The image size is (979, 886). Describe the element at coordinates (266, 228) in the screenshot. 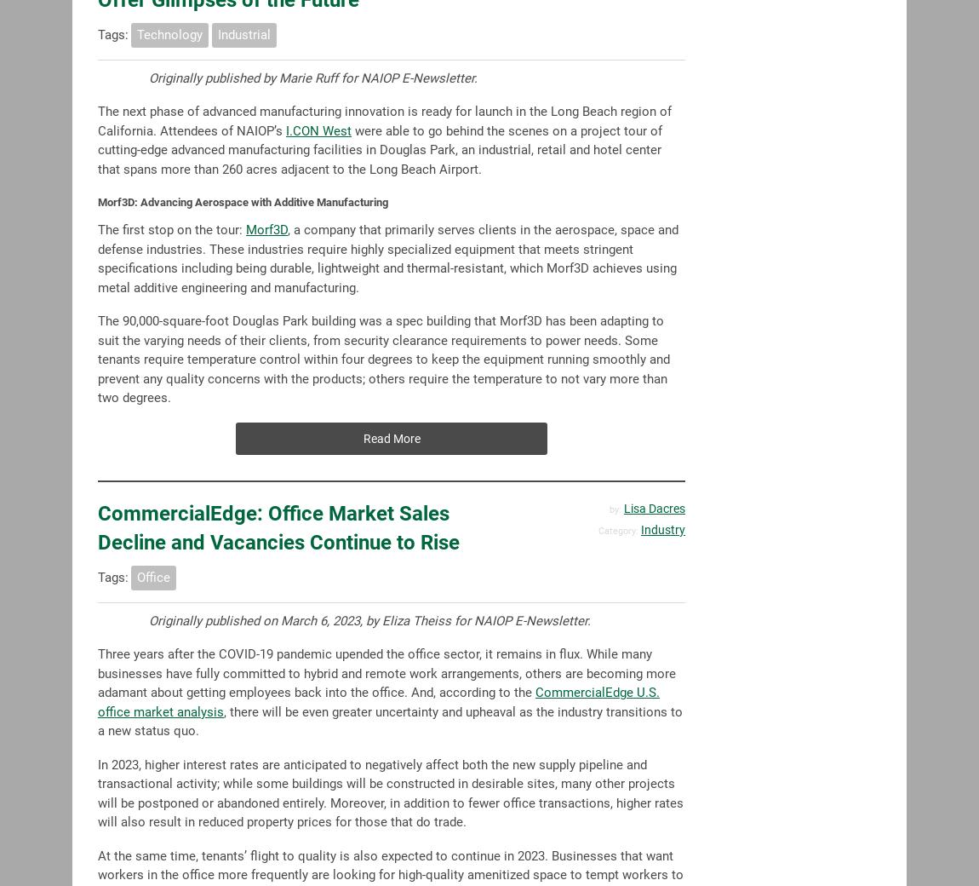

I see `'Morf3D'` at that location.